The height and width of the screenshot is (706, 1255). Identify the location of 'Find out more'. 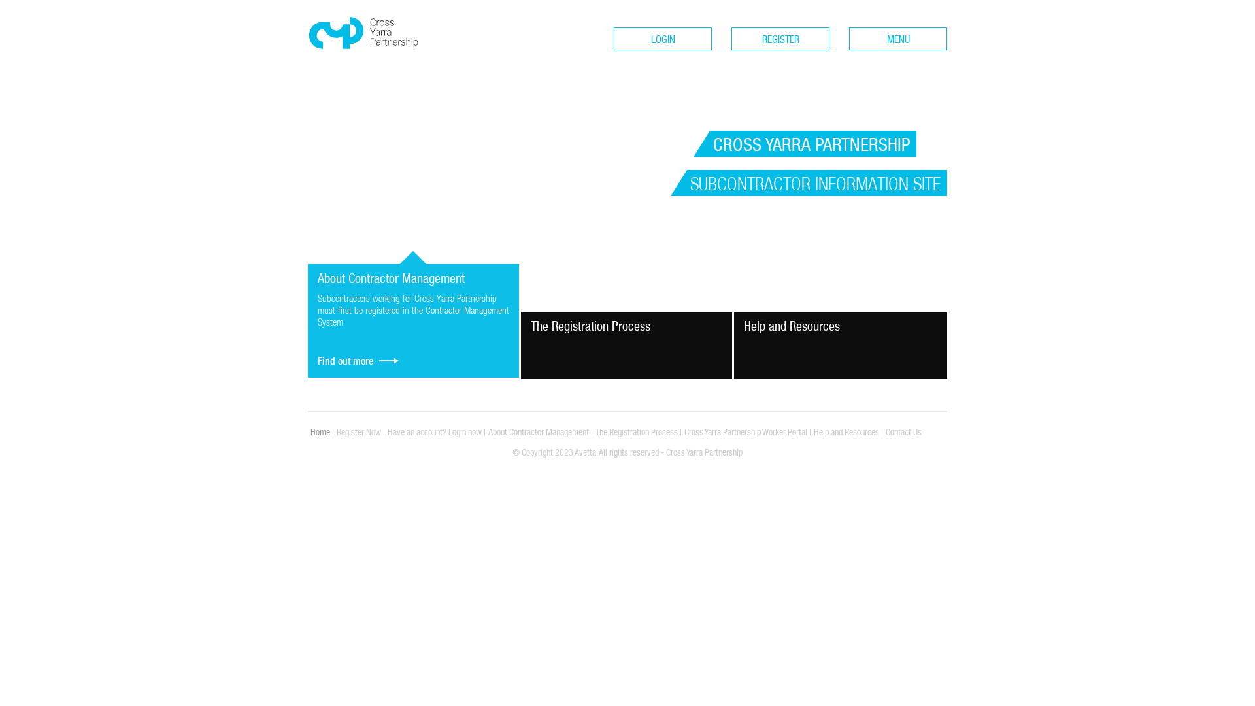
(360, 357).